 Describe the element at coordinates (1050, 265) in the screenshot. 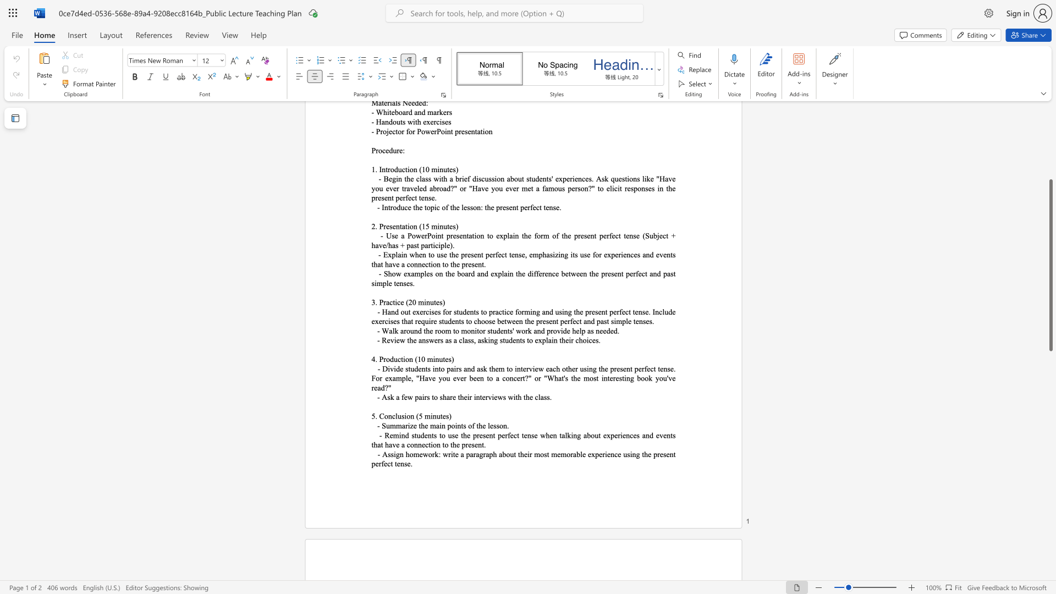

I see `the scrollbar and move down 220 pixels` at that location.